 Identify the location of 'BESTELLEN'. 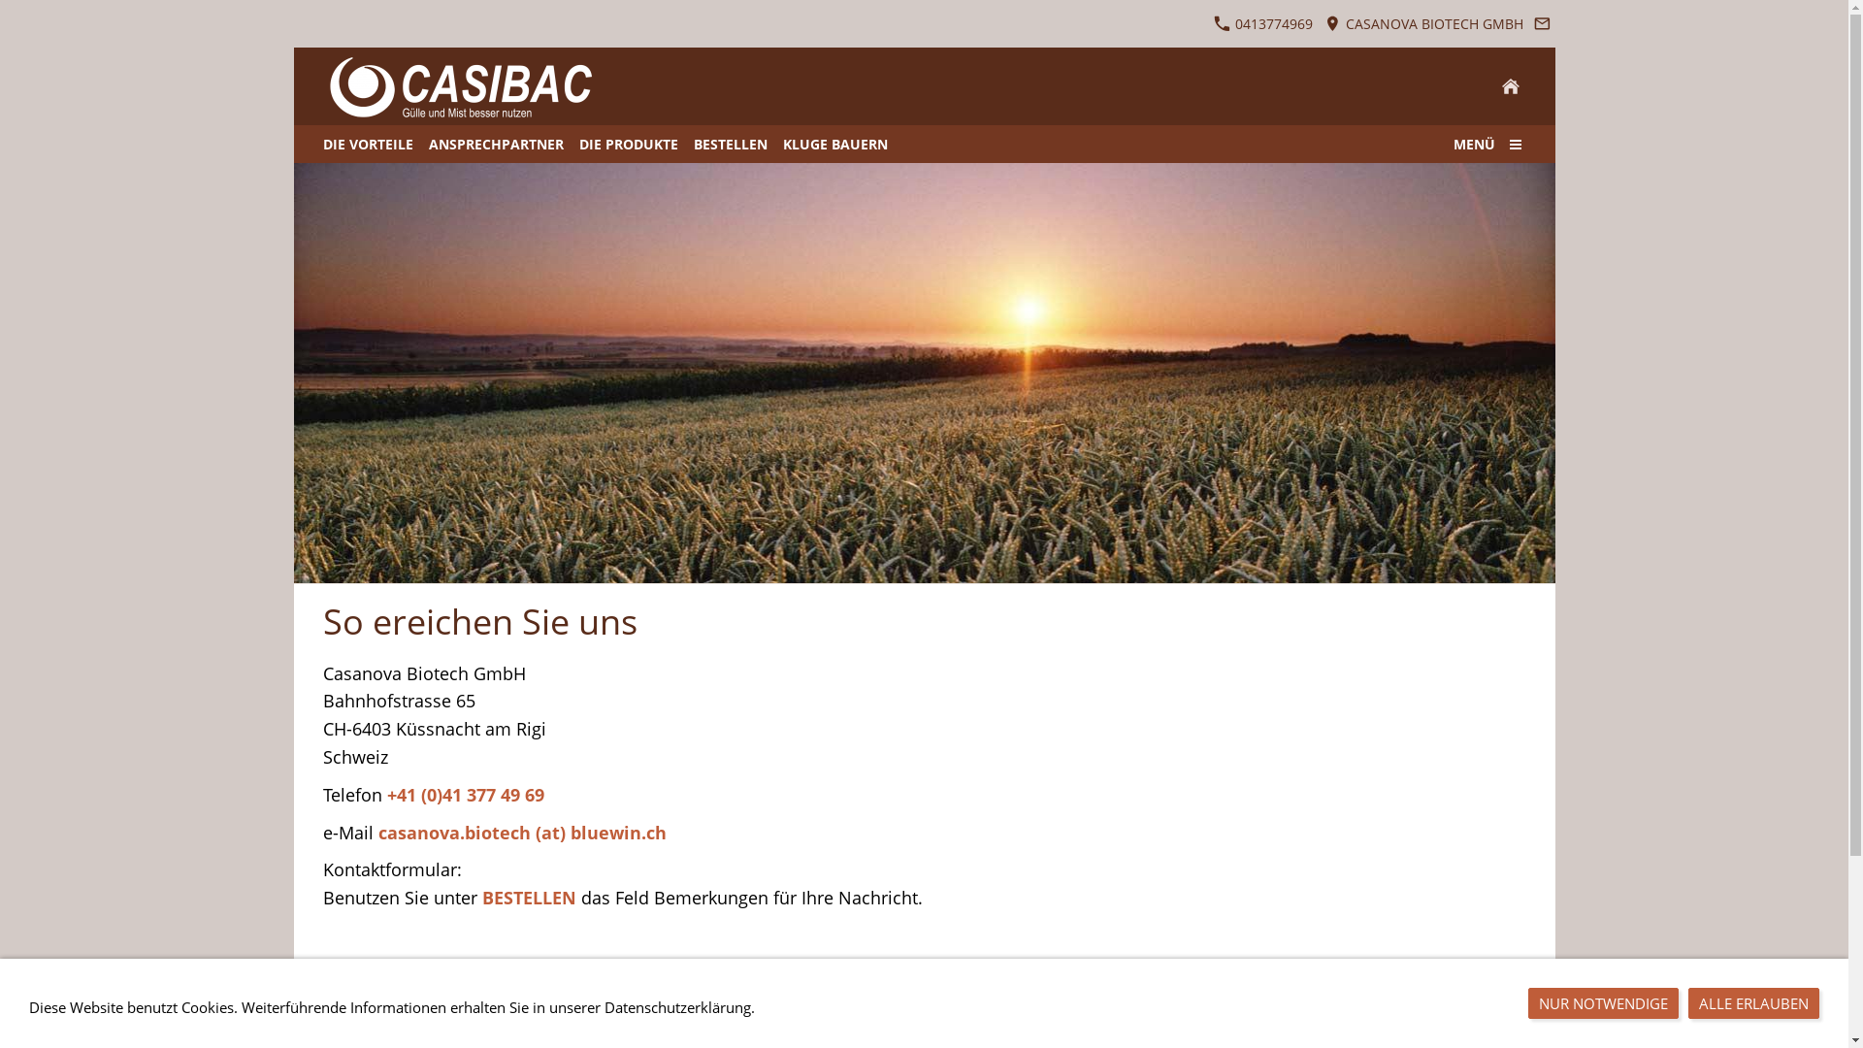
(528, 898).